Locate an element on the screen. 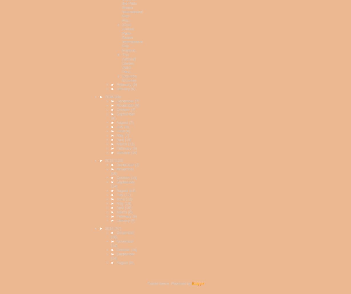  'Blogger' is located at coordinates (192, 283).